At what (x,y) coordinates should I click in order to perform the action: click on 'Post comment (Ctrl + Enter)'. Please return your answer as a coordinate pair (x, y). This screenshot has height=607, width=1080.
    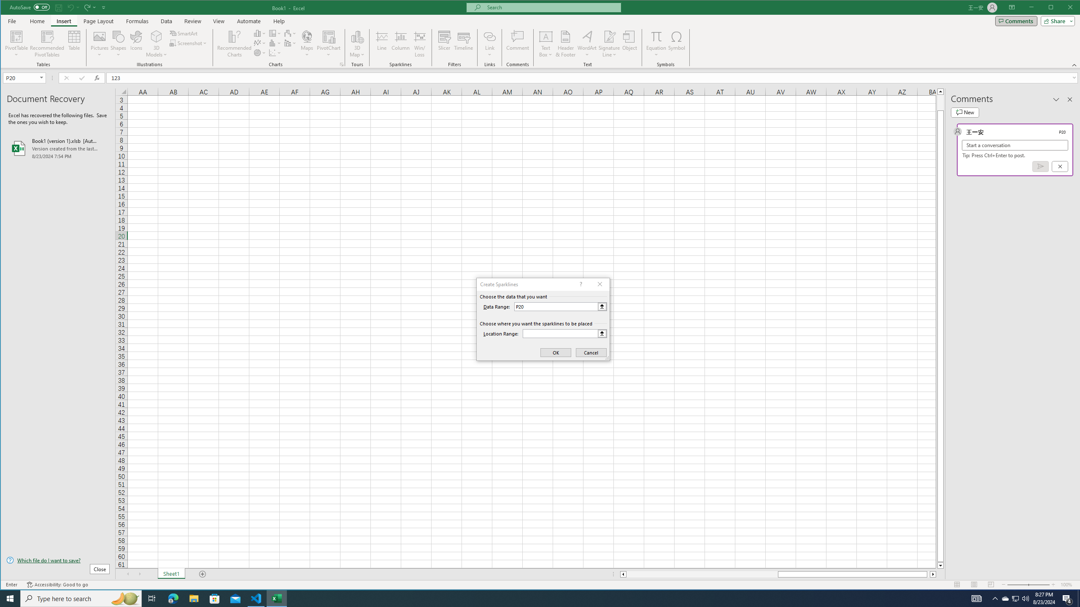
    Looking at the image, I should click on (1040, 166).